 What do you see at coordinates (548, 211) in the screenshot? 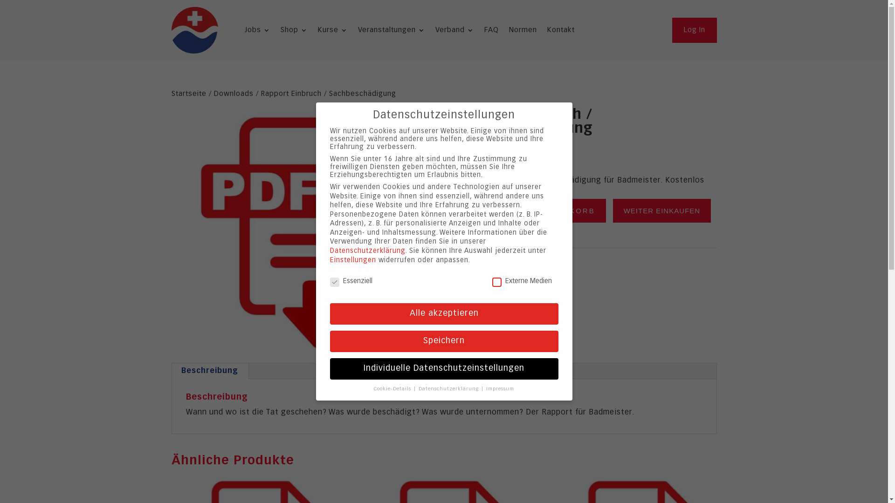
I see `'IN DEN WARENKORB'` at bounding box center [548, 211].